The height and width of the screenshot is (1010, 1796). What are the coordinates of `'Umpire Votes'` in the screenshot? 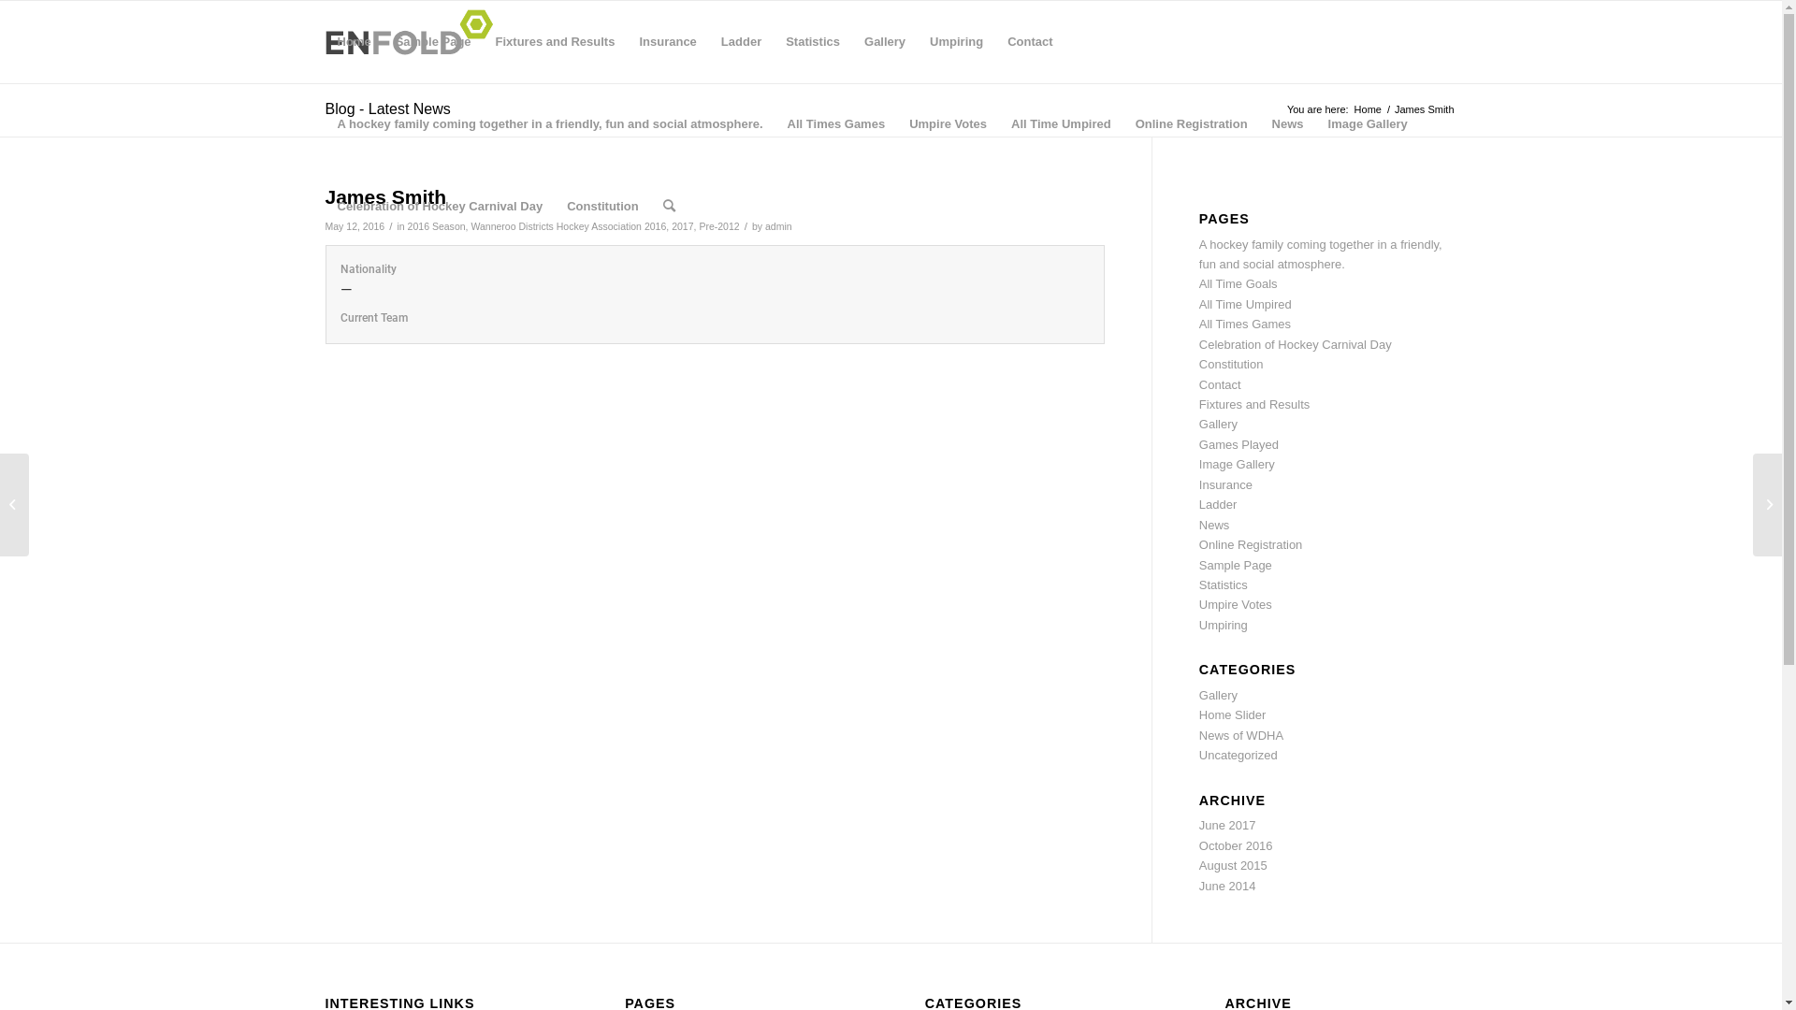 It's located at (948, 123).